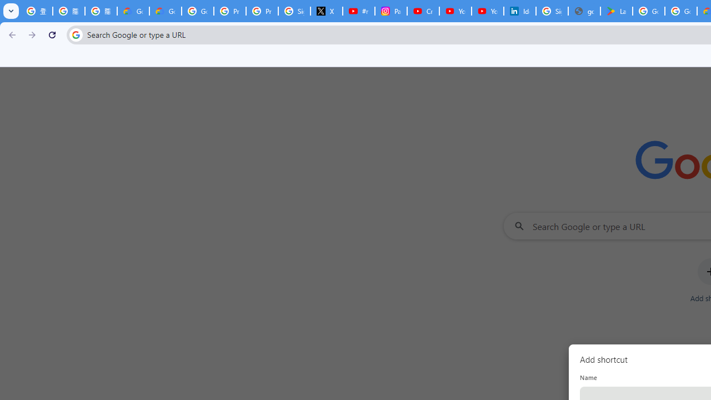 Image resolution: width=711 pixels, height=400 pixels. I want to click on 'Last Shelter: Survival - Apps on Google Play', so click(616, 11).